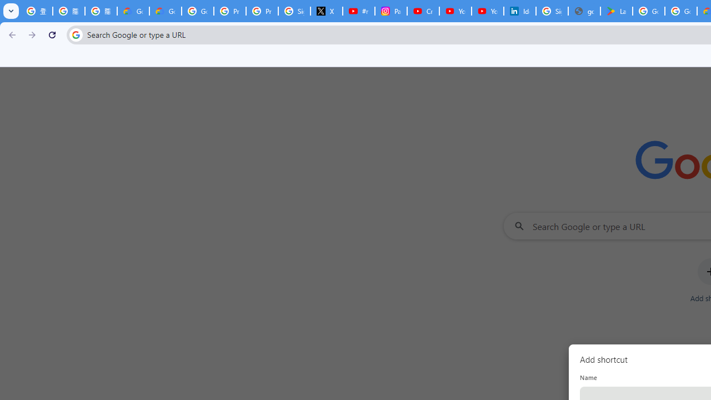 Image resolution: width=711 pixels, height=400 pixels. I want to click on 'Last Shelter: Survival - Apps on Google Play', so click(616, 11).